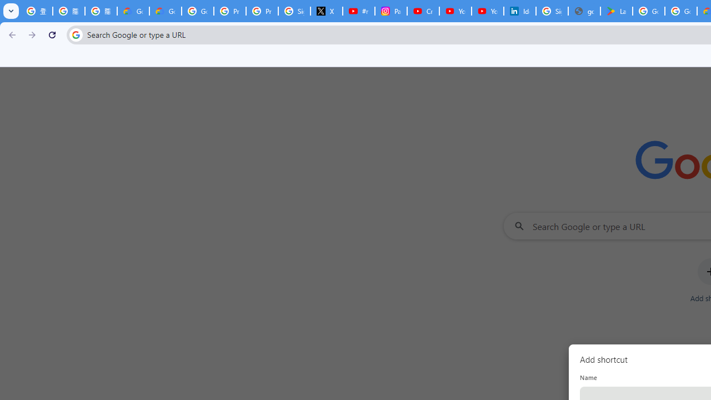 Image resolution: width=711 pixels, height=400 pixels. I want to click on 'Last Shelter: Survival - Apps on Google Play', so click(616, 11).